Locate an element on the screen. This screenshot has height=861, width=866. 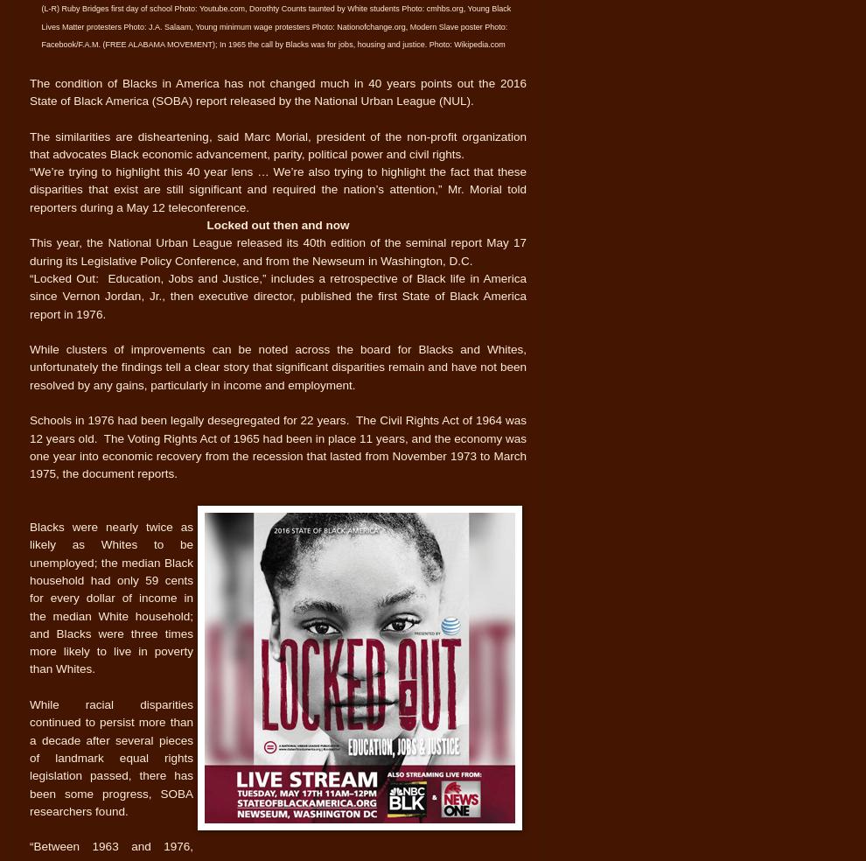
'This year, the National Urban League released its 40th edition of the seminal report May 17 during its Legislative Policy Conference, and from the Newseum in Washington, D.C.' is located at coordinates (276, 250).